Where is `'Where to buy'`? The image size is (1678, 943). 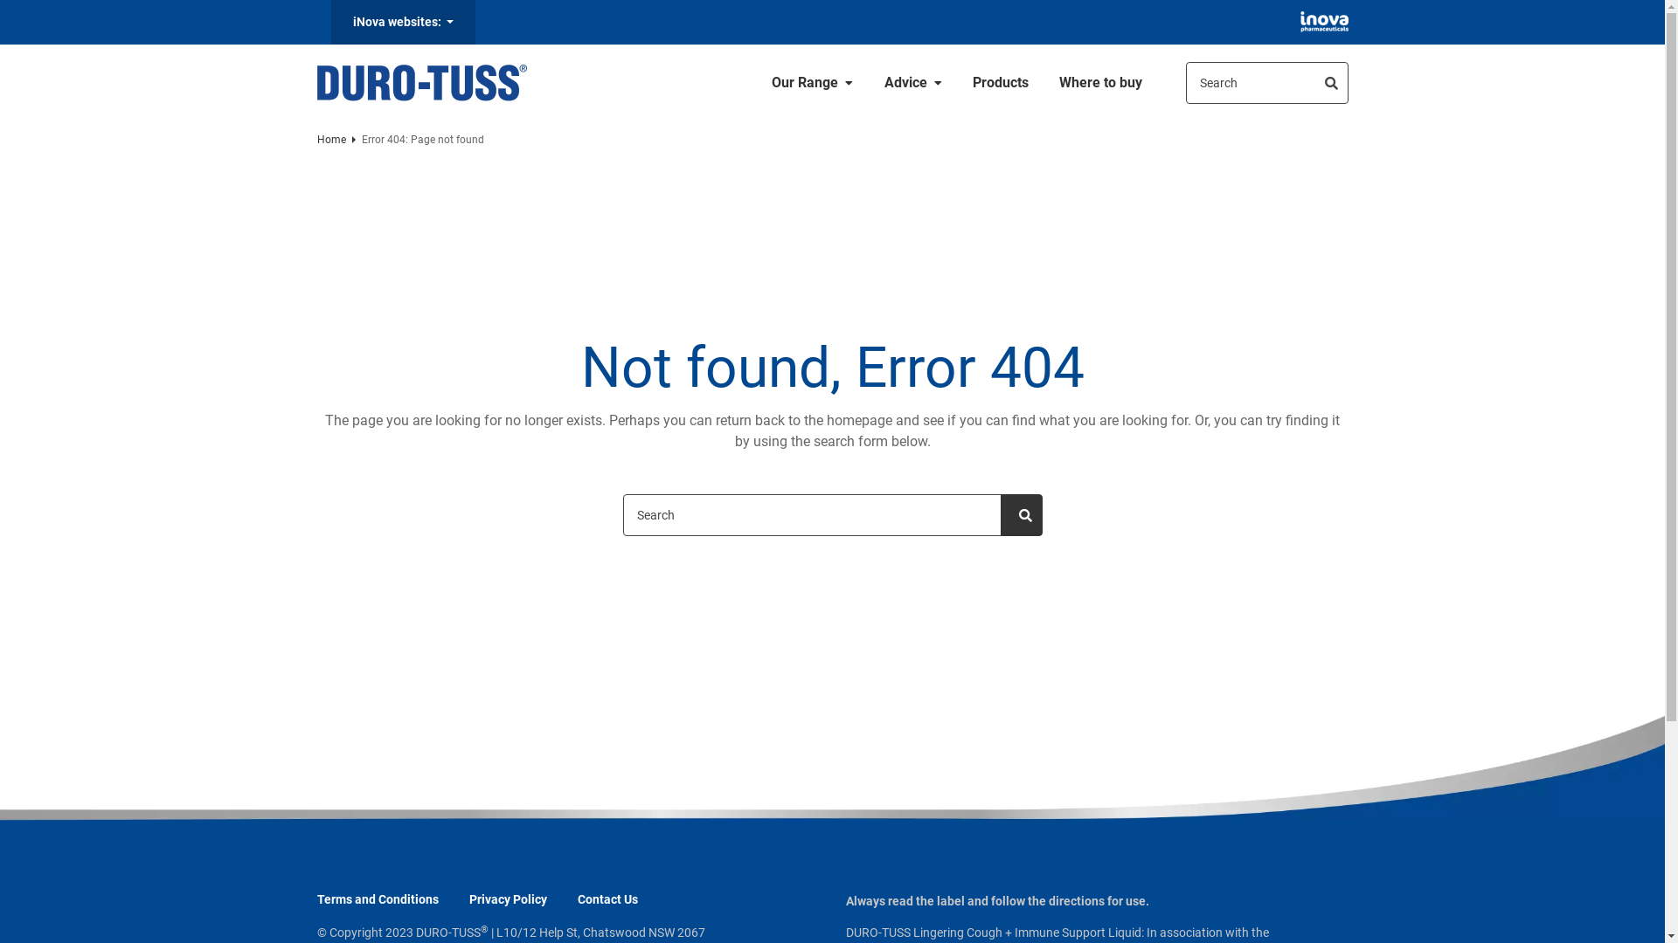
'Where to buy' is located at coordinates (1099, 83).